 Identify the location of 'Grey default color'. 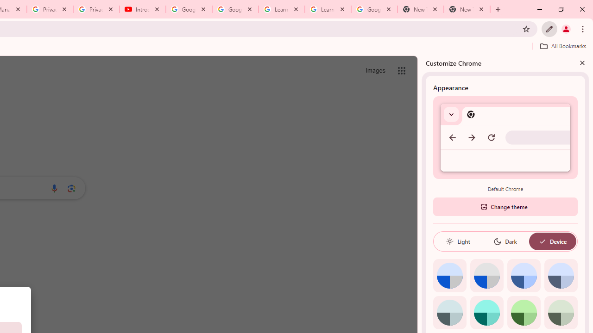
(486, 275).